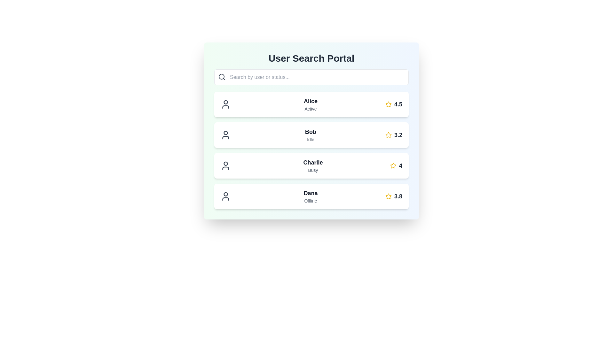 The height and width of the screenshot is (345, 614). Describe the element at coordinates (398, 104) in the screenshot. I see `the text displaying the value '4.5', which is styled in bold gray font and located next to a yellow star icon indicating a rating system for user 'Alice'` at that location.